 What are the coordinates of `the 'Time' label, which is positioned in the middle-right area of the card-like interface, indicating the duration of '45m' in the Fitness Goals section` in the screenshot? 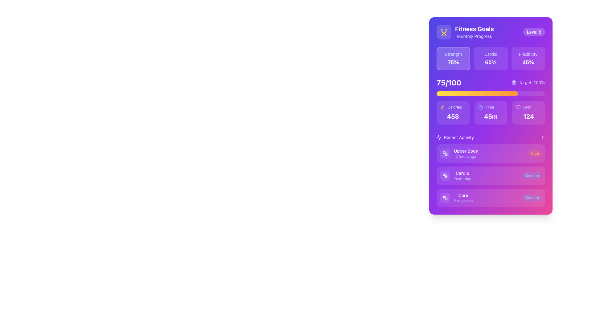 It's located at (491, 107).